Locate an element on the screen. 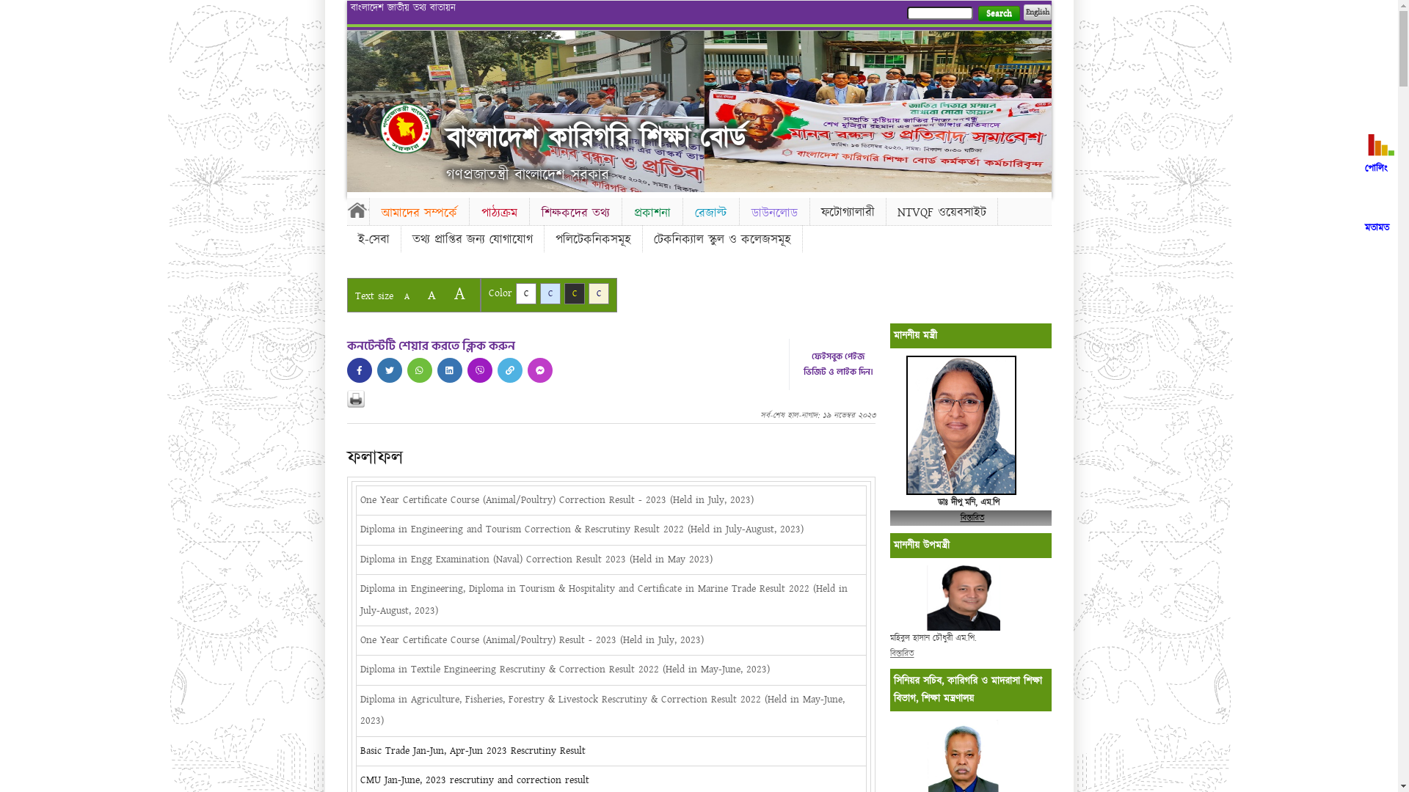 Image resolution: width=1409 pixels, height=792 pixels. 'Home' is located at coordinates (405, 127).